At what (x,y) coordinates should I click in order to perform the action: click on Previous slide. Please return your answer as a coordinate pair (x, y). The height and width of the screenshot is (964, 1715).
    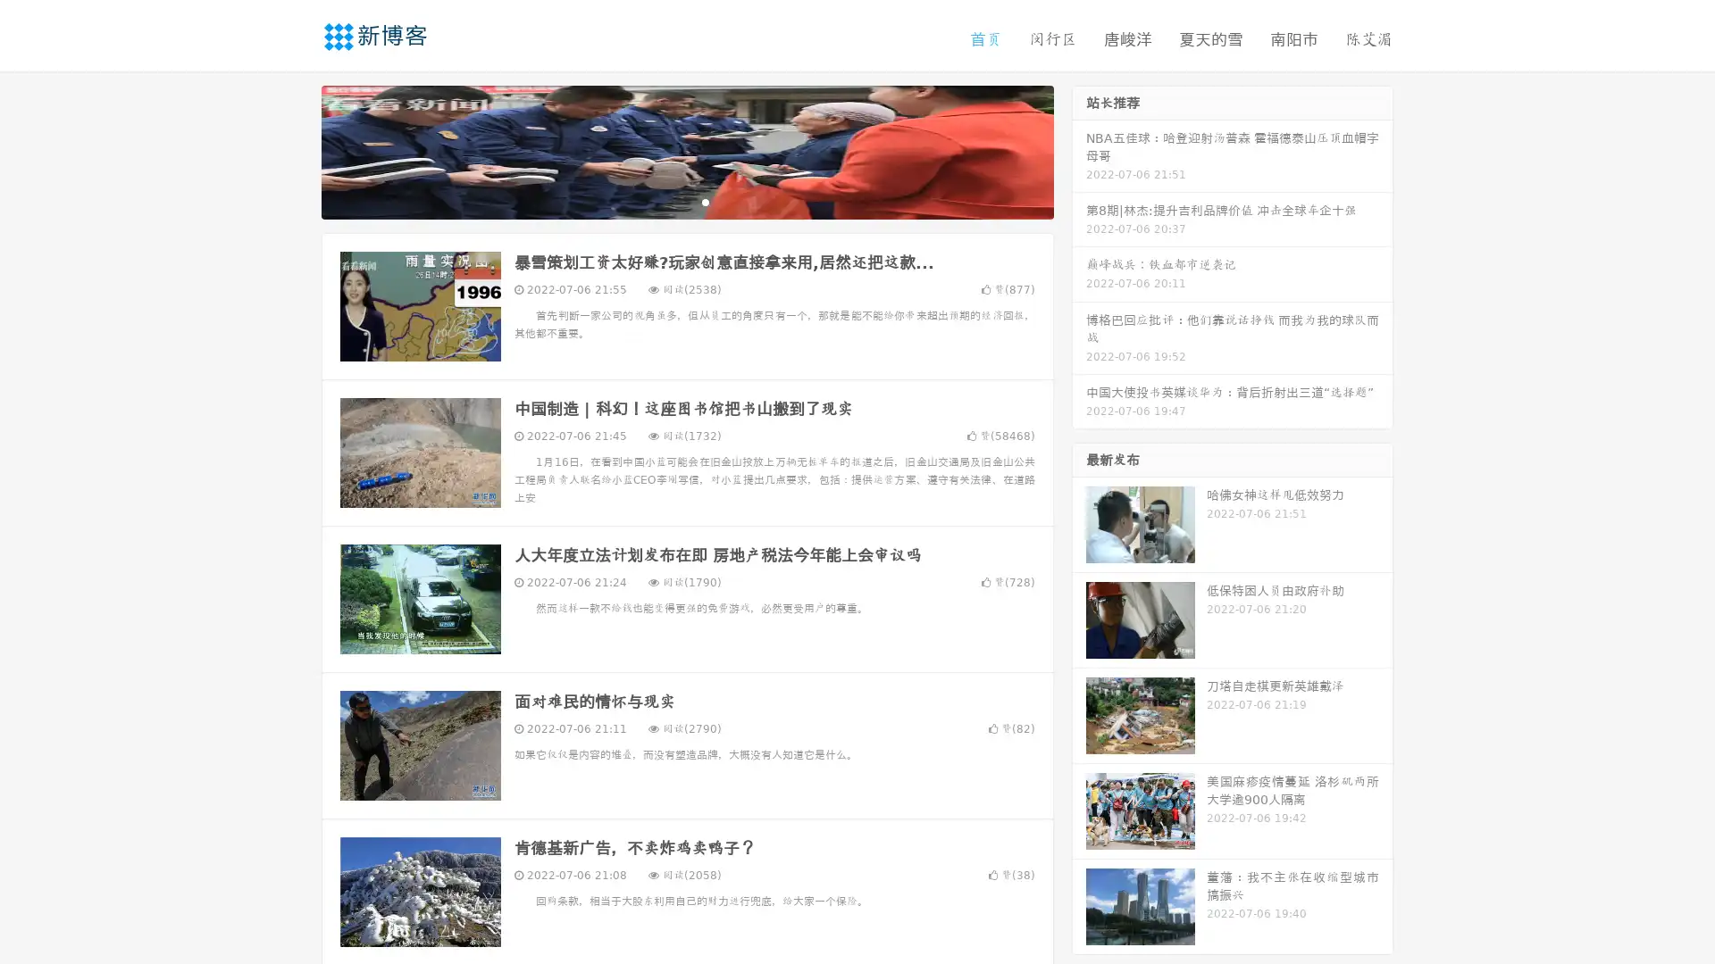
    Looking at the image, I should click on (295, 150).